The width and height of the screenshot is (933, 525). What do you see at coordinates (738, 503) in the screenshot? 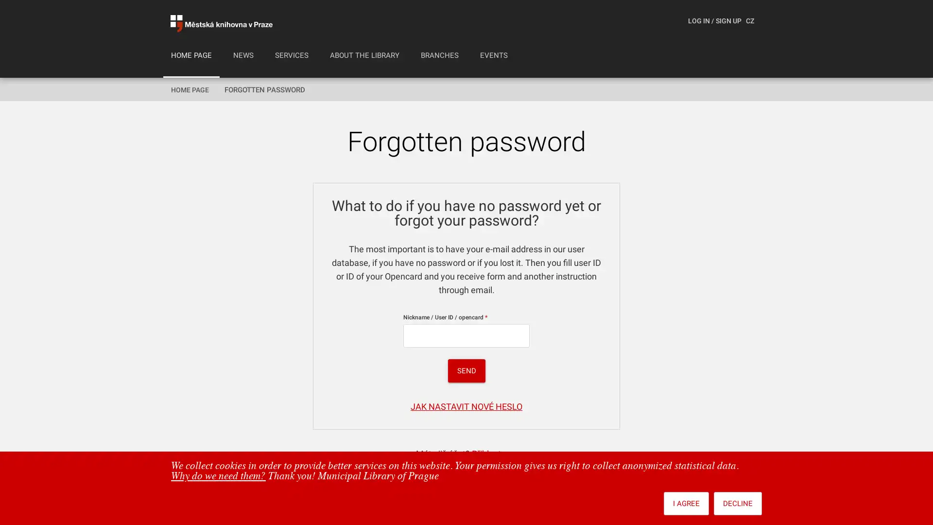
I see `DECLINE` at bounding box center [738, 503].